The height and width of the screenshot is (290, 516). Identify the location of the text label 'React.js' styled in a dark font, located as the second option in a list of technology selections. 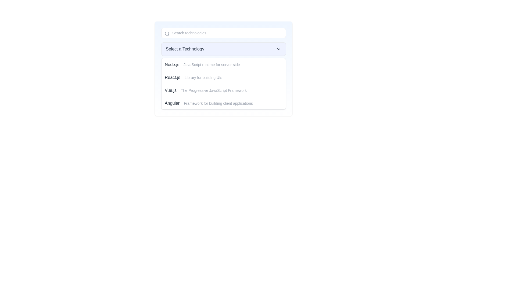
(172, 78).